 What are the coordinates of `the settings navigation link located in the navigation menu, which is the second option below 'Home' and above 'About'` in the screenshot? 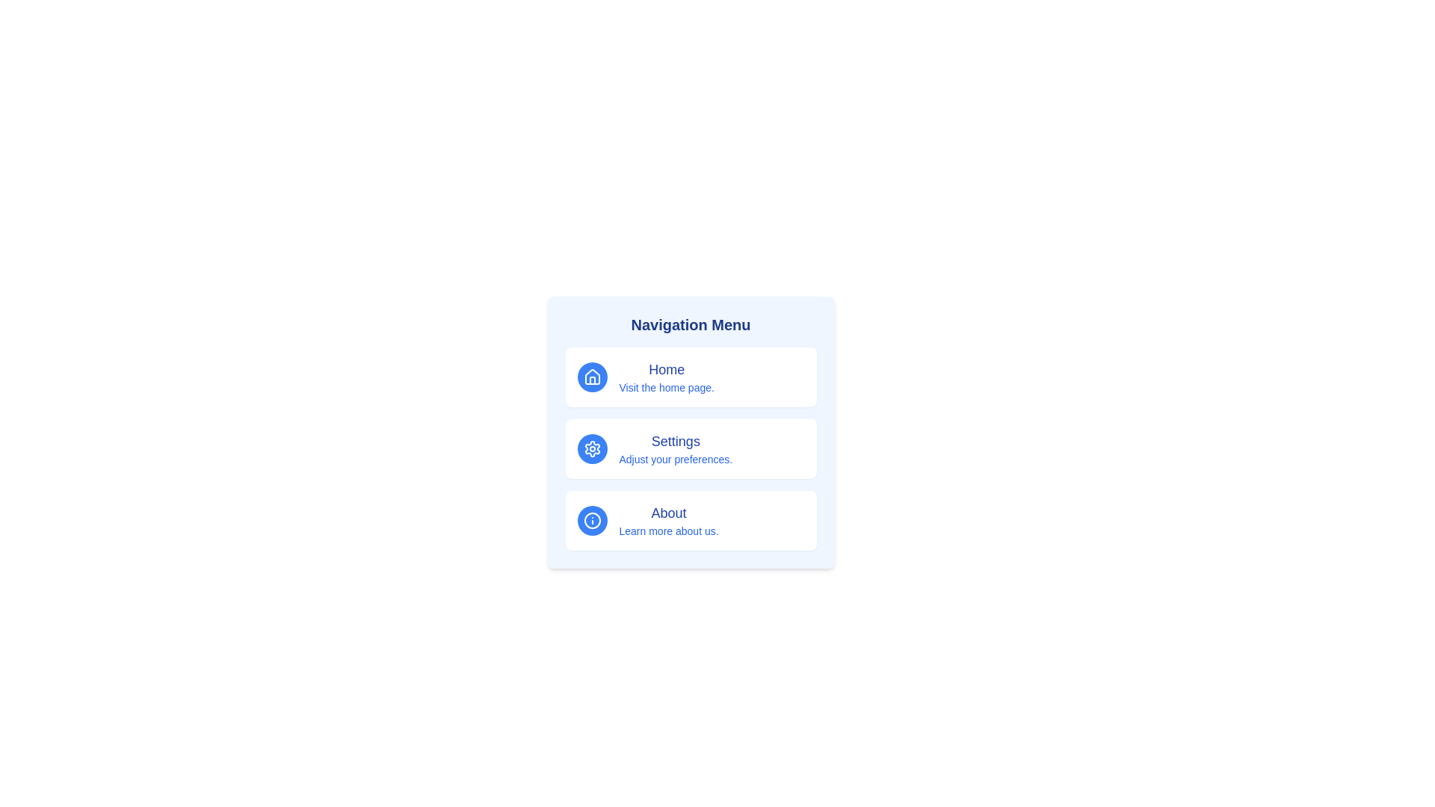 It's located at (690, 448).